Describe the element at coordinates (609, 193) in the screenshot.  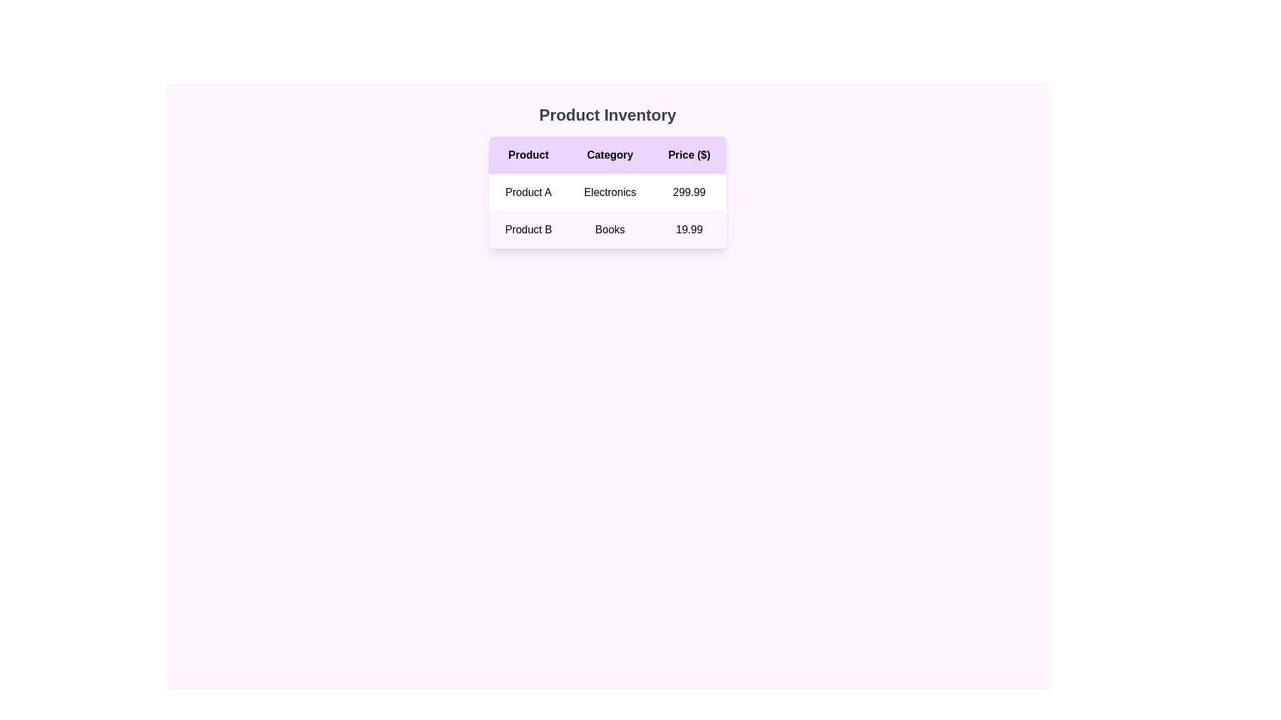
I see `the informational Text label indicating the category 'Product A' in the inventory table` at that location.